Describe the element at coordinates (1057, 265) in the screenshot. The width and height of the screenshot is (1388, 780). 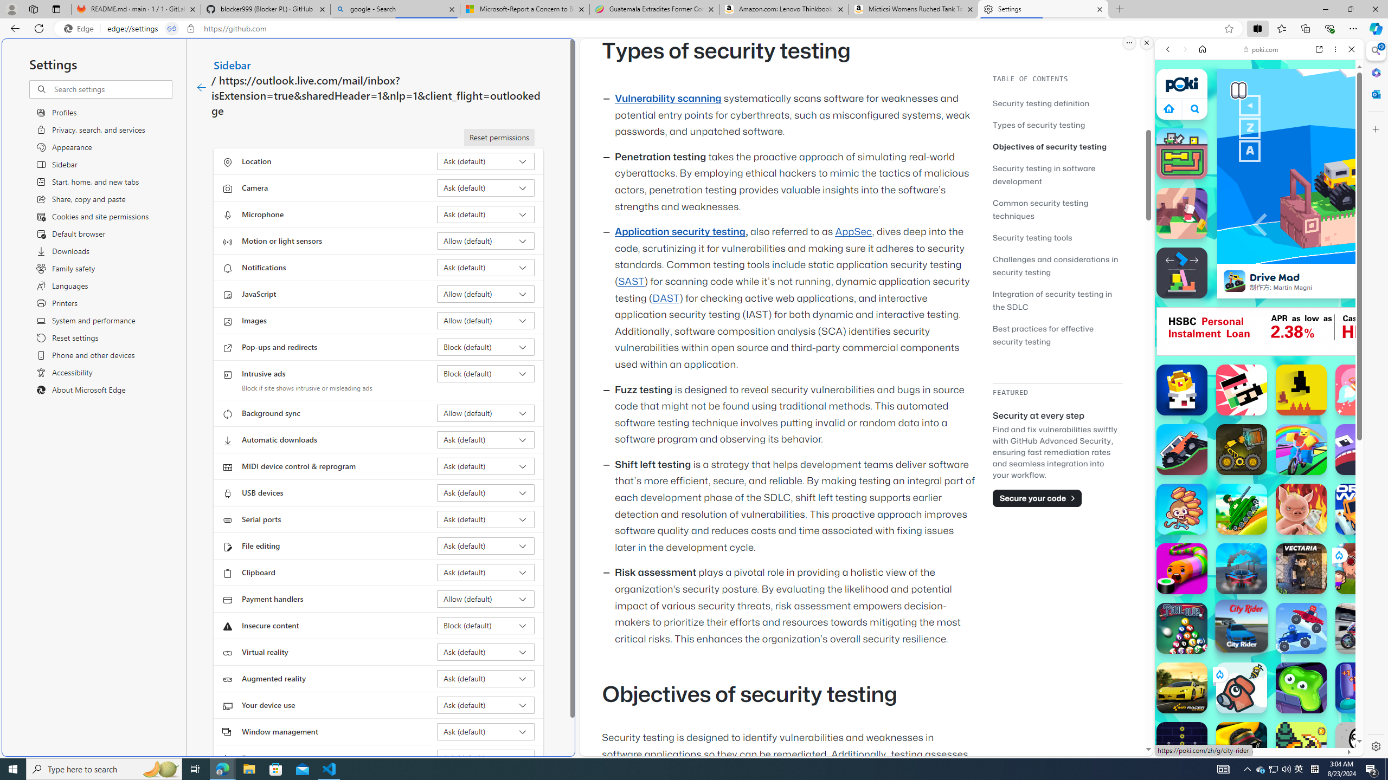
I see `'Challenges and considerations in security testing'` at that location.